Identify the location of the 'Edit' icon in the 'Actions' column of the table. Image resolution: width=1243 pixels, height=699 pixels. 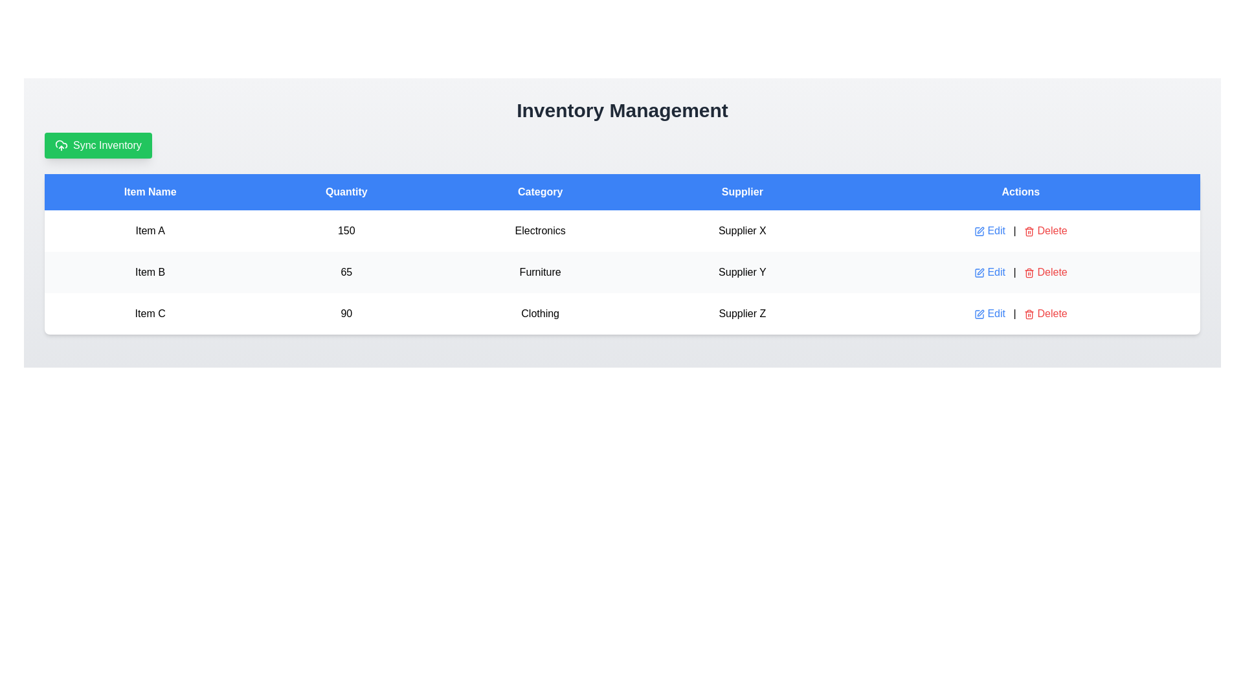
(979, 314).